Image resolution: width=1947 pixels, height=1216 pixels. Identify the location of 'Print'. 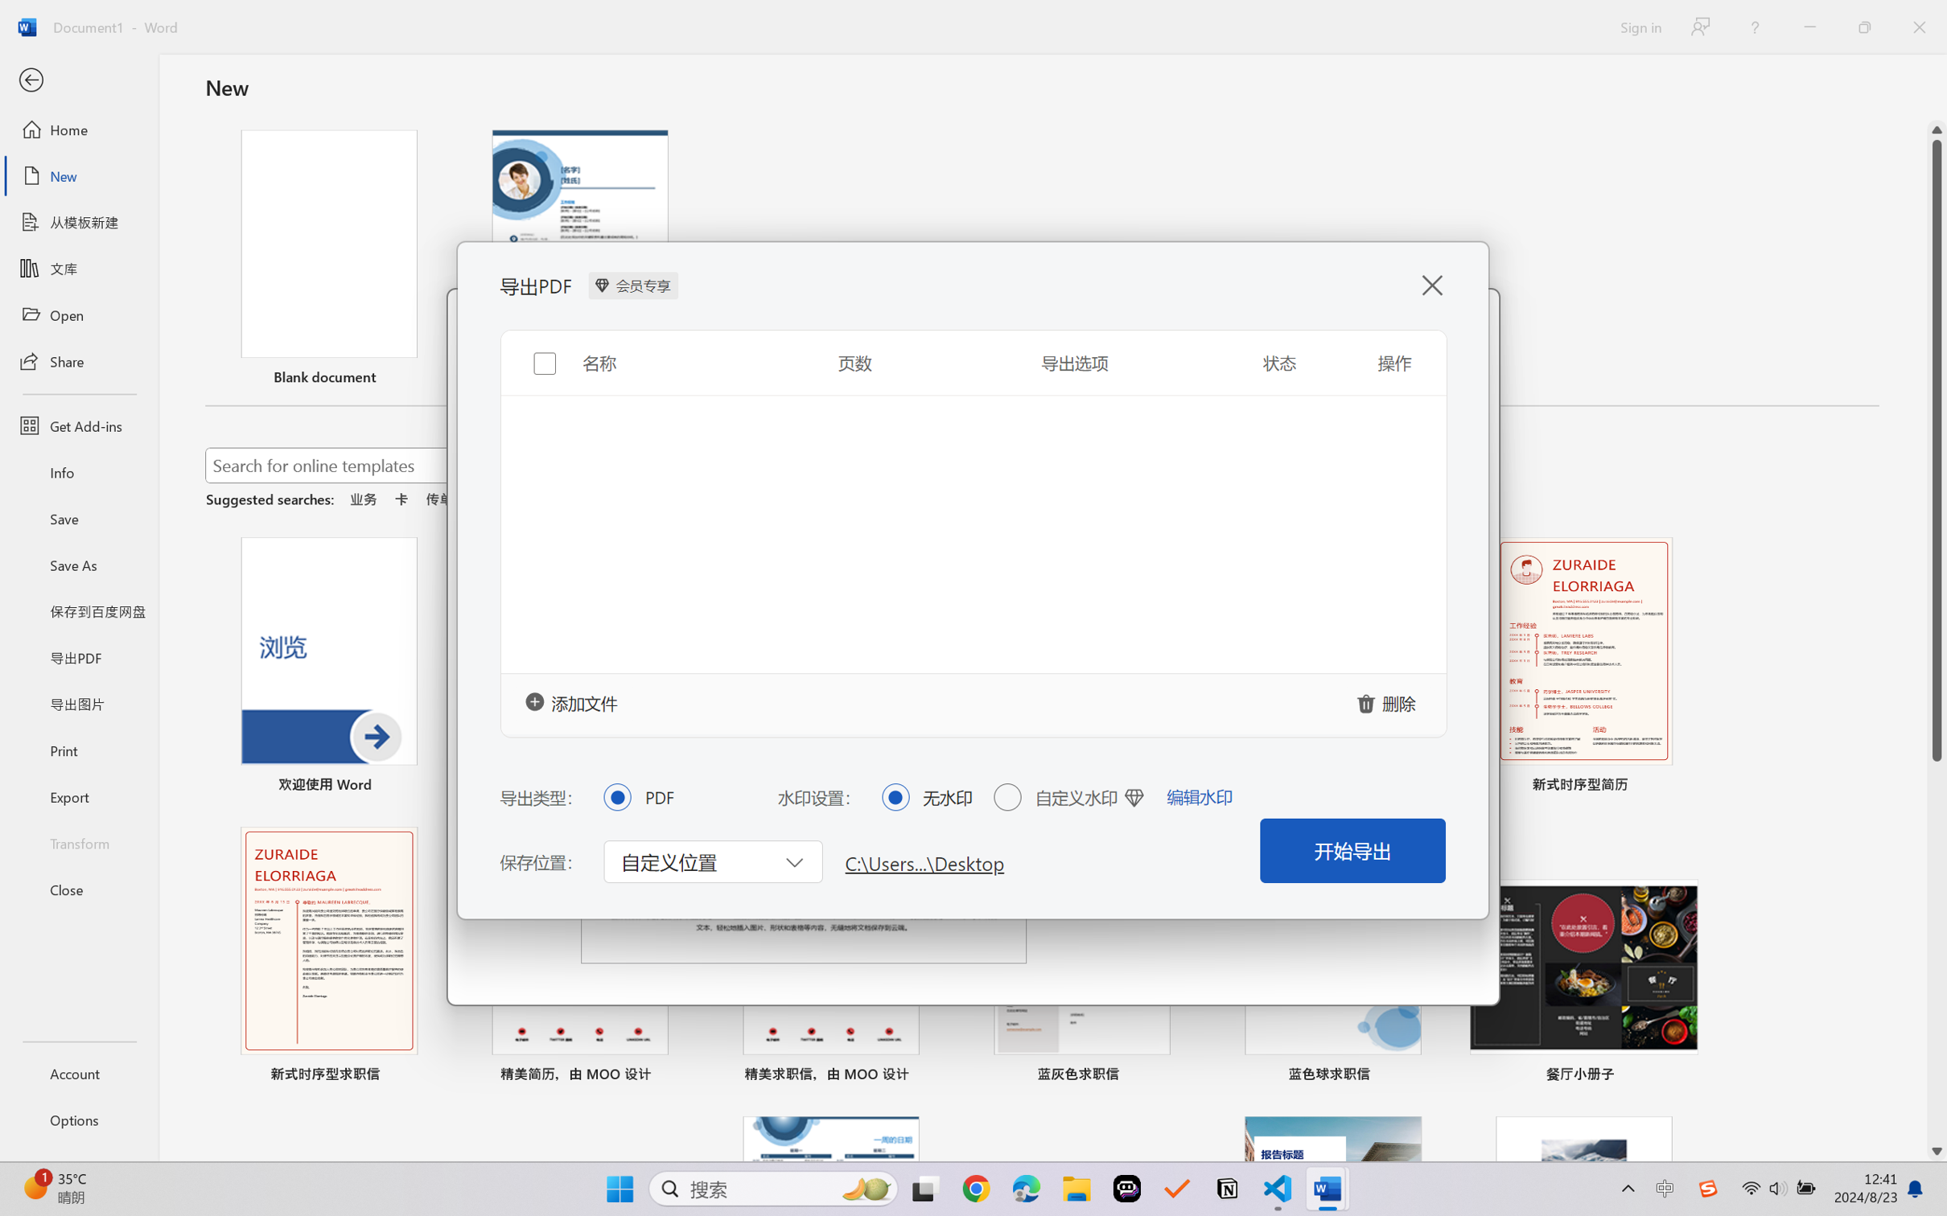
(78, 750).